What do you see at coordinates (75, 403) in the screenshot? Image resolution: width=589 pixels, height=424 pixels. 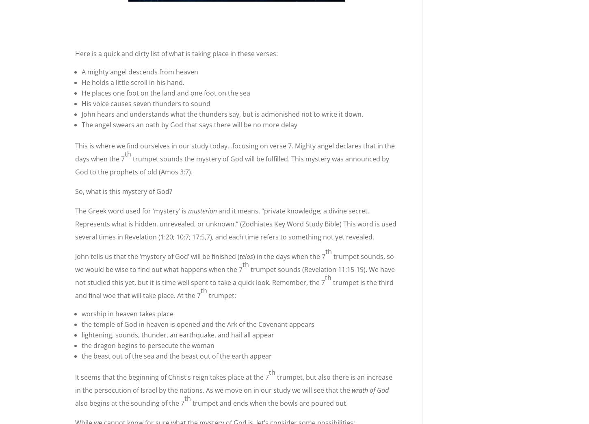 I see `'also begins at the sounding of the 7'` at bounding box center [75, 403].